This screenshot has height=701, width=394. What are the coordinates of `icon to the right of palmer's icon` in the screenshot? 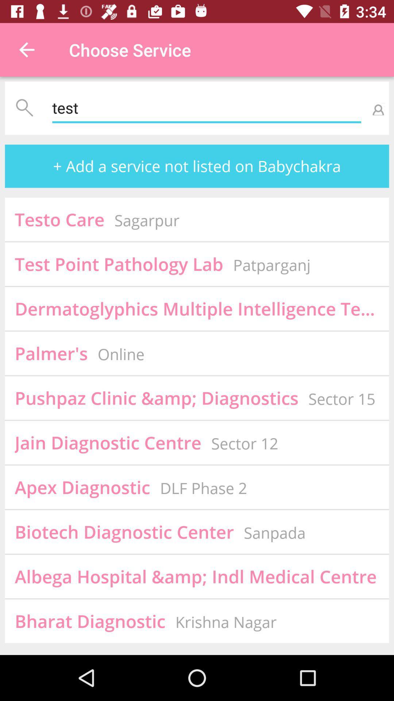 It's located at (120, 354).